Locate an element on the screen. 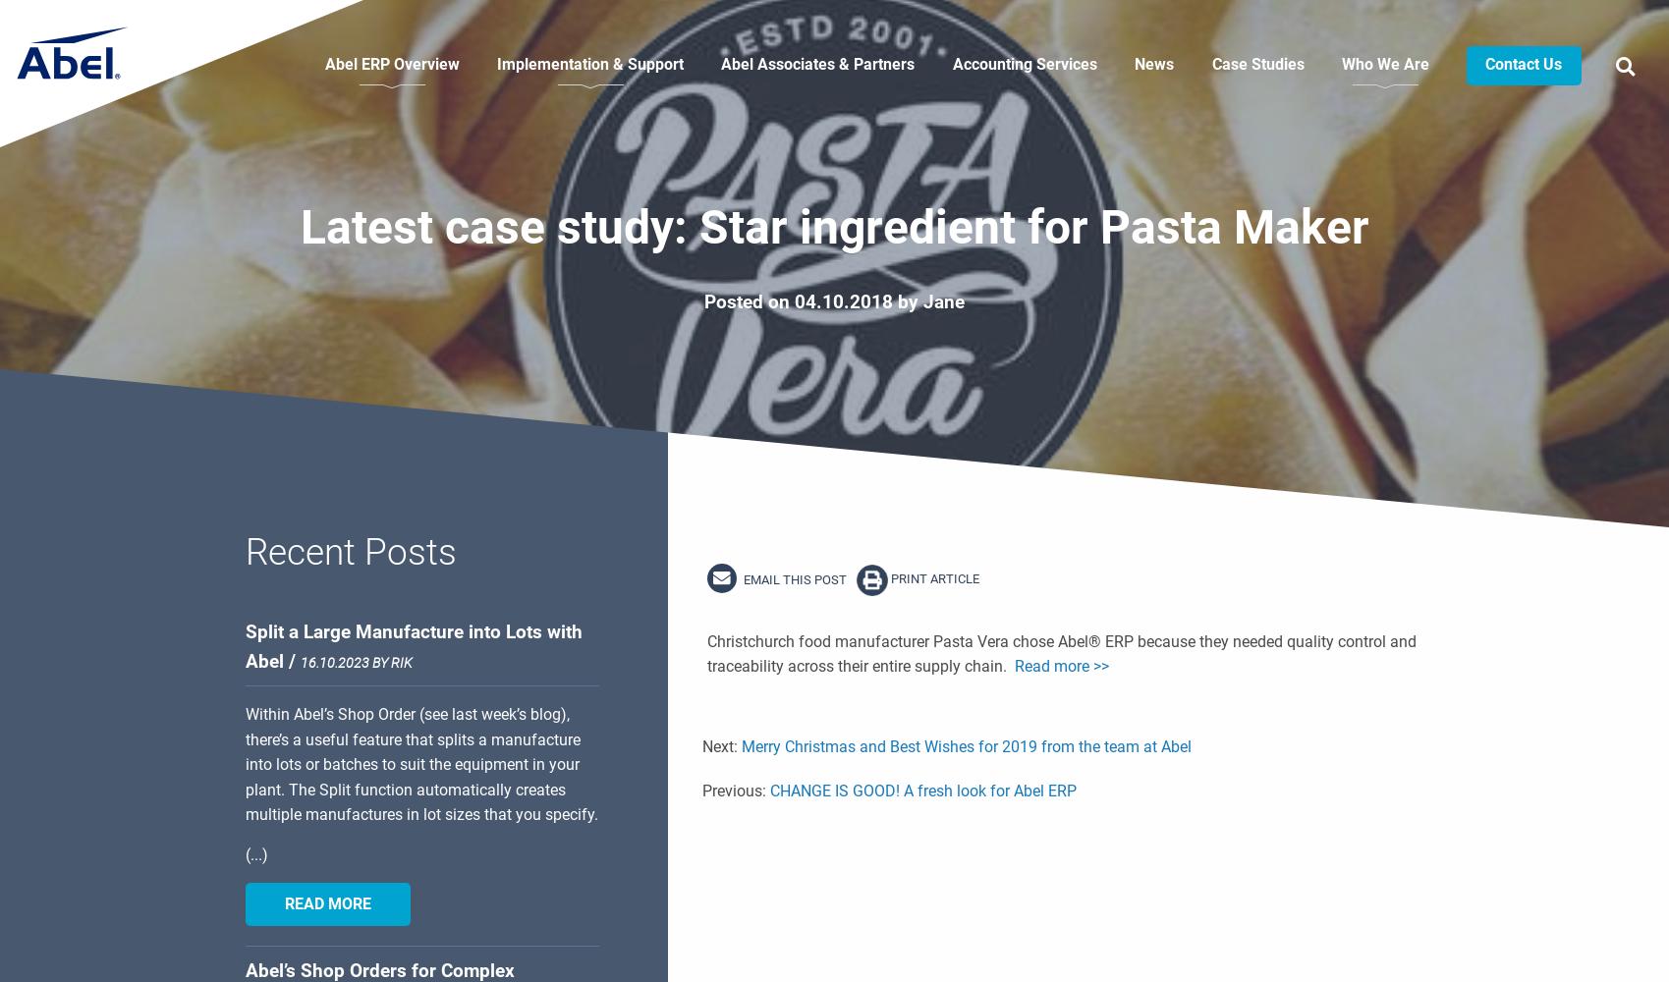 This screenshot has width=1669, height=982. 'Abel ERP Overview' is located at coordinates (391, 63).